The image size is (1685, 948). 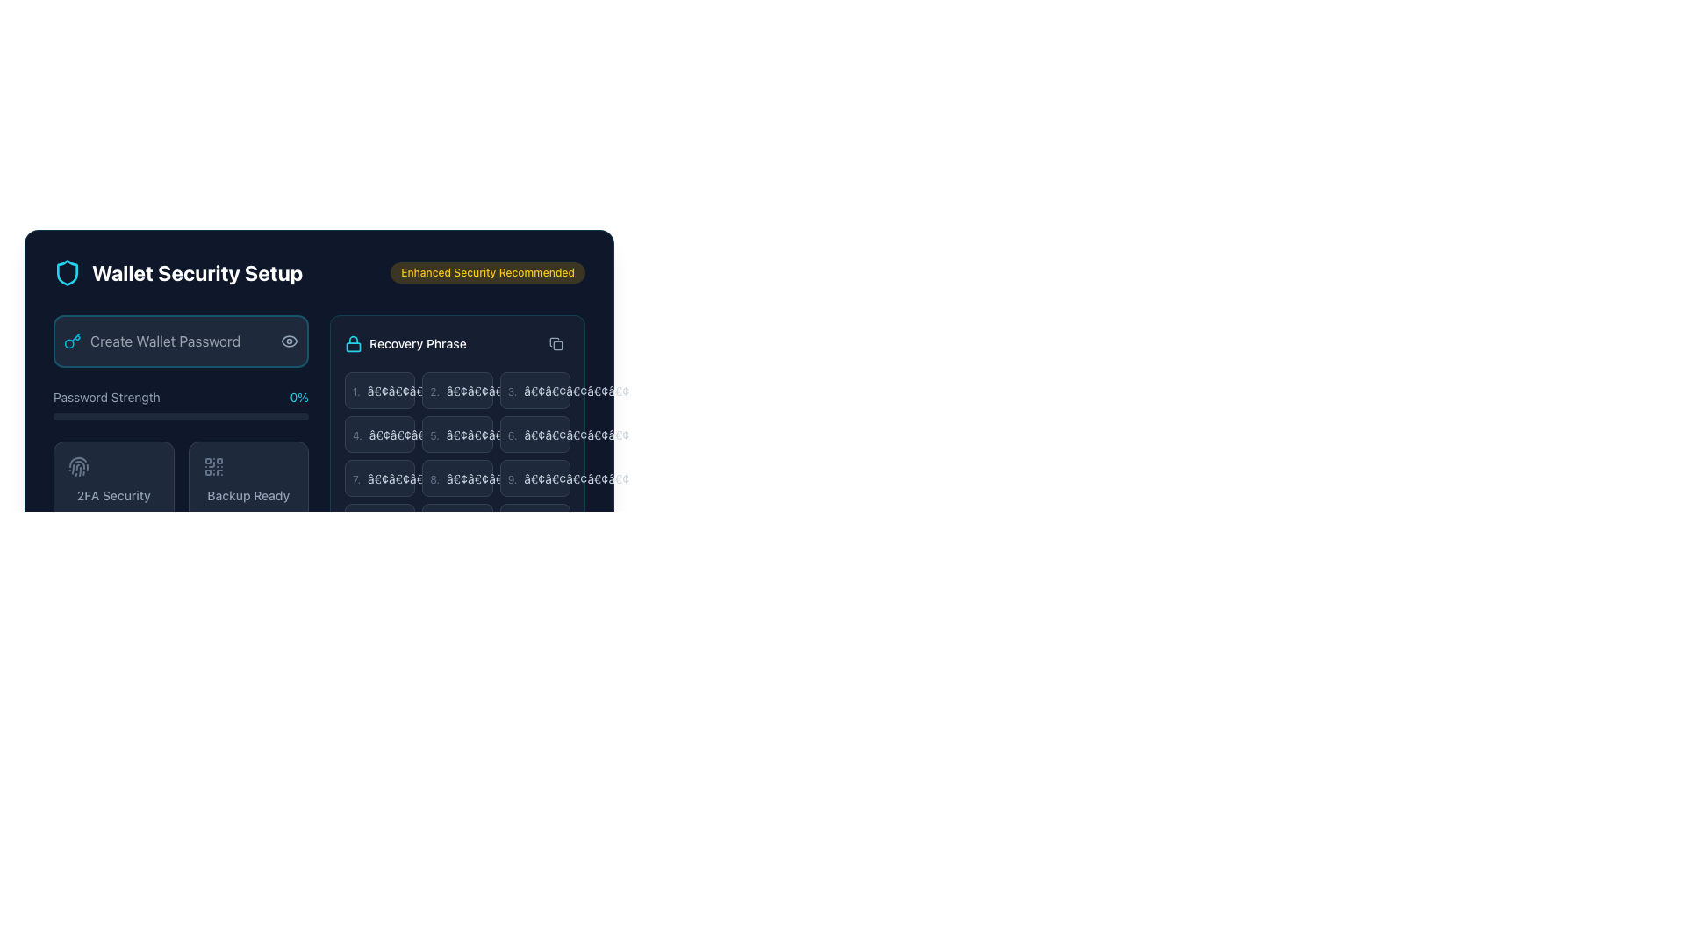 What do you see at coordinates (534, 478) in the screenshot?
I see `the ninth static display box in the 'Recovery Phrase' section, which is located in the bottom row of the grid structure and is immediately to the right of the eighth component` at bounding box center [534, 478].